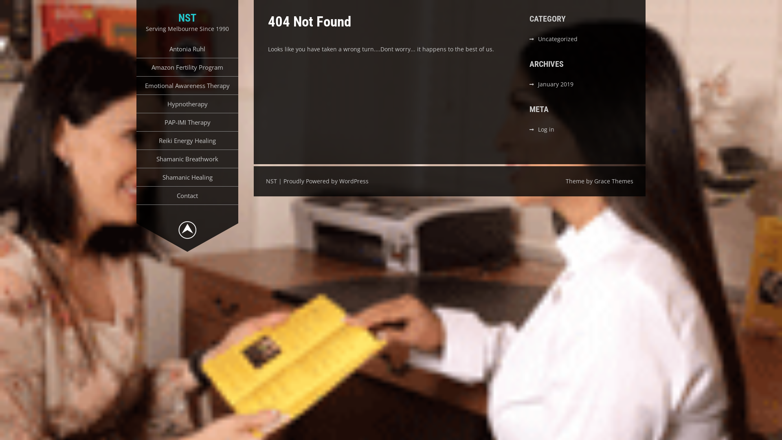 This screenshot has width=782, height=440. Describe the element at coordinates (187, 67) in the screenshot. I see `'Amazon Fertility Program'` at that location.